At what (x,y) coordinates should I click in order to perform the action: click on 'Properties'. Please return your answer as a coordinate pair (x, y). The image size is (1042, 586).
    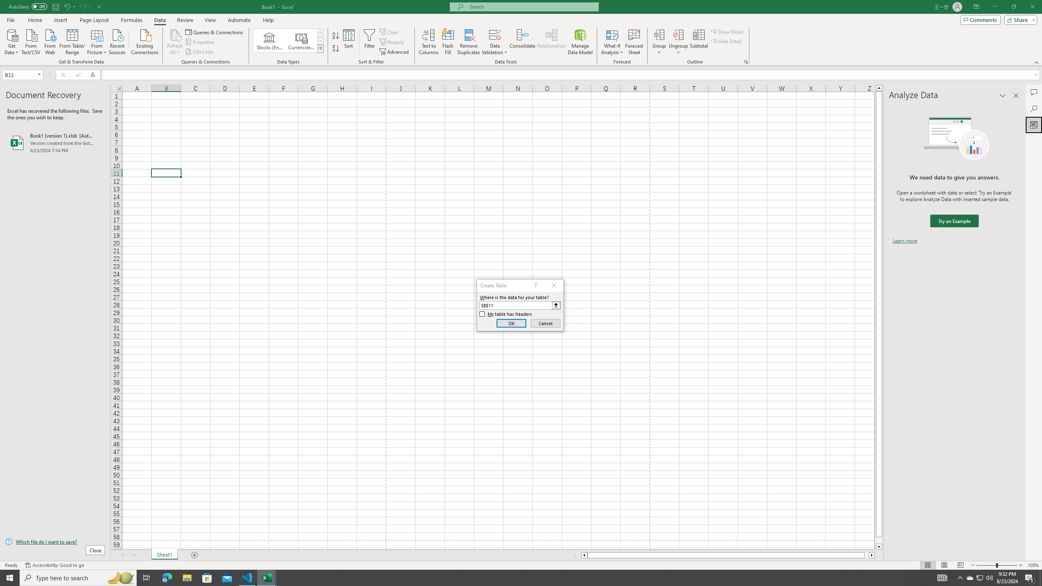
    Looking at the image, I should click on (201, 42).